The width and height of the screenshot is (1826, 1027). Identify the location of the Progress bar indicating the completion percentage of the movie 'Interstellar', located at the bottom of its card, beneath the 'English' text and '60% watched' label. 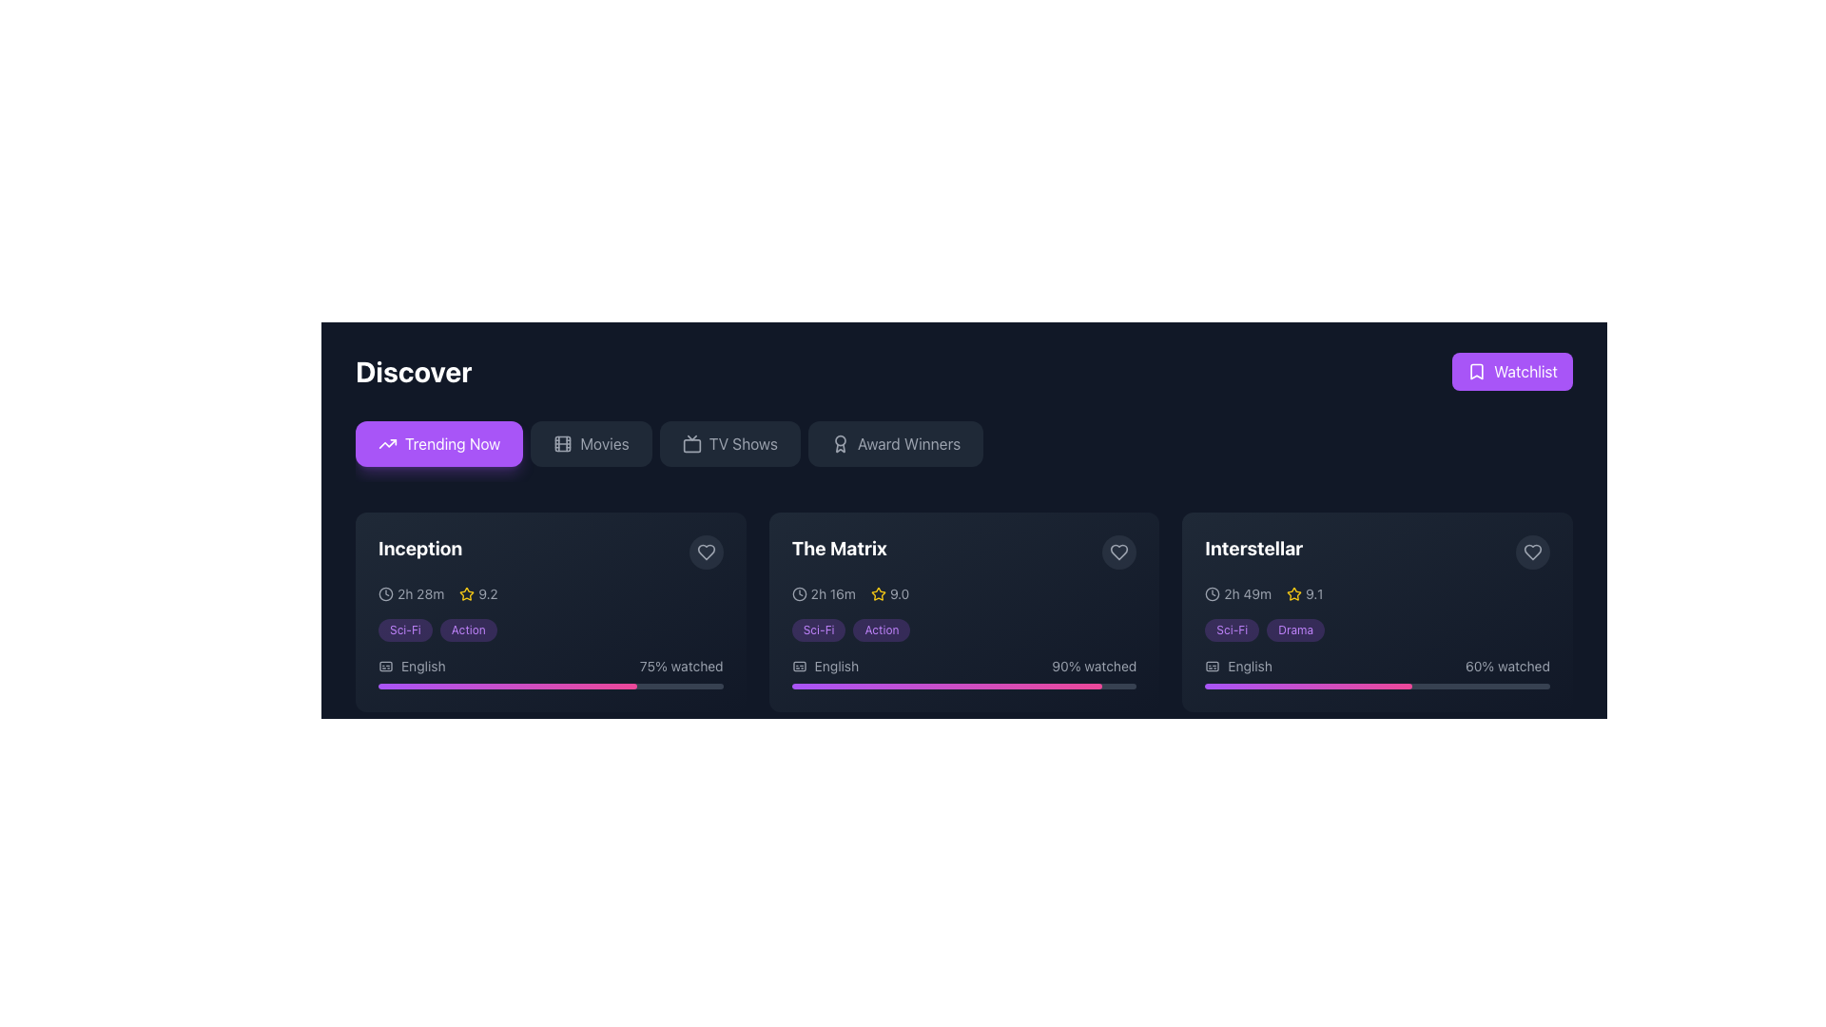
(1377, 686).